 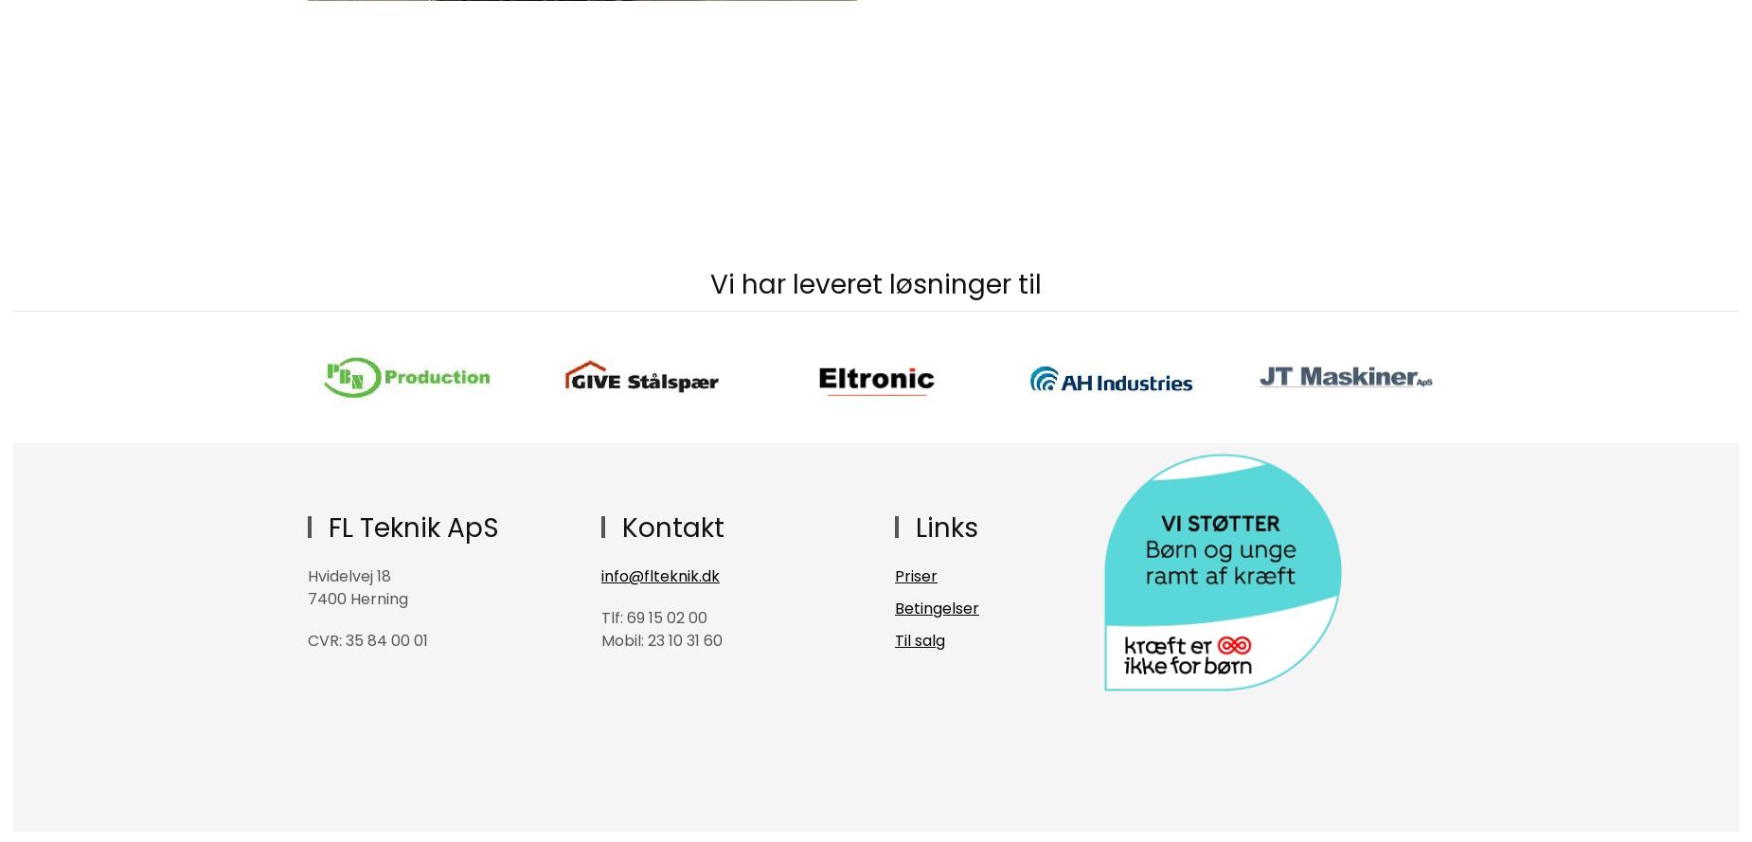 I want to click on '7400 Herning', so click(x=356, y=598).